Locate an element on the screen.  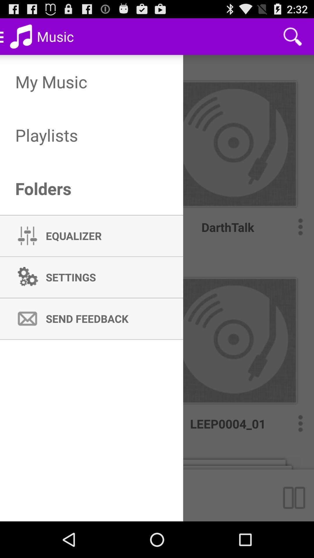
play button is located at coordinates (296, 495).